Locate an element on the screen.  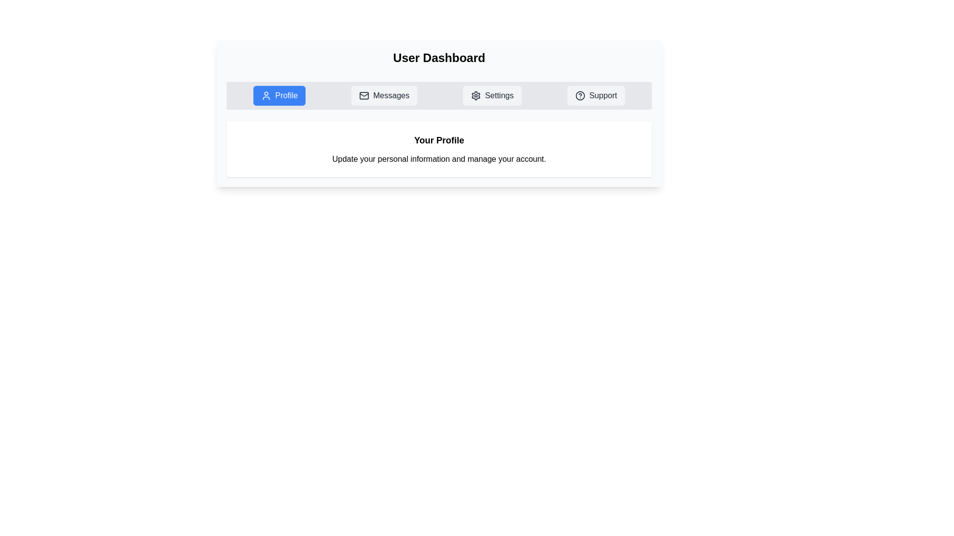
the mail icon element located within the 'Messages' button in the navigation bar, which features a minimalistic outline style of a rectangular envelope with a triangular flap is located at coordinates (364, 95).